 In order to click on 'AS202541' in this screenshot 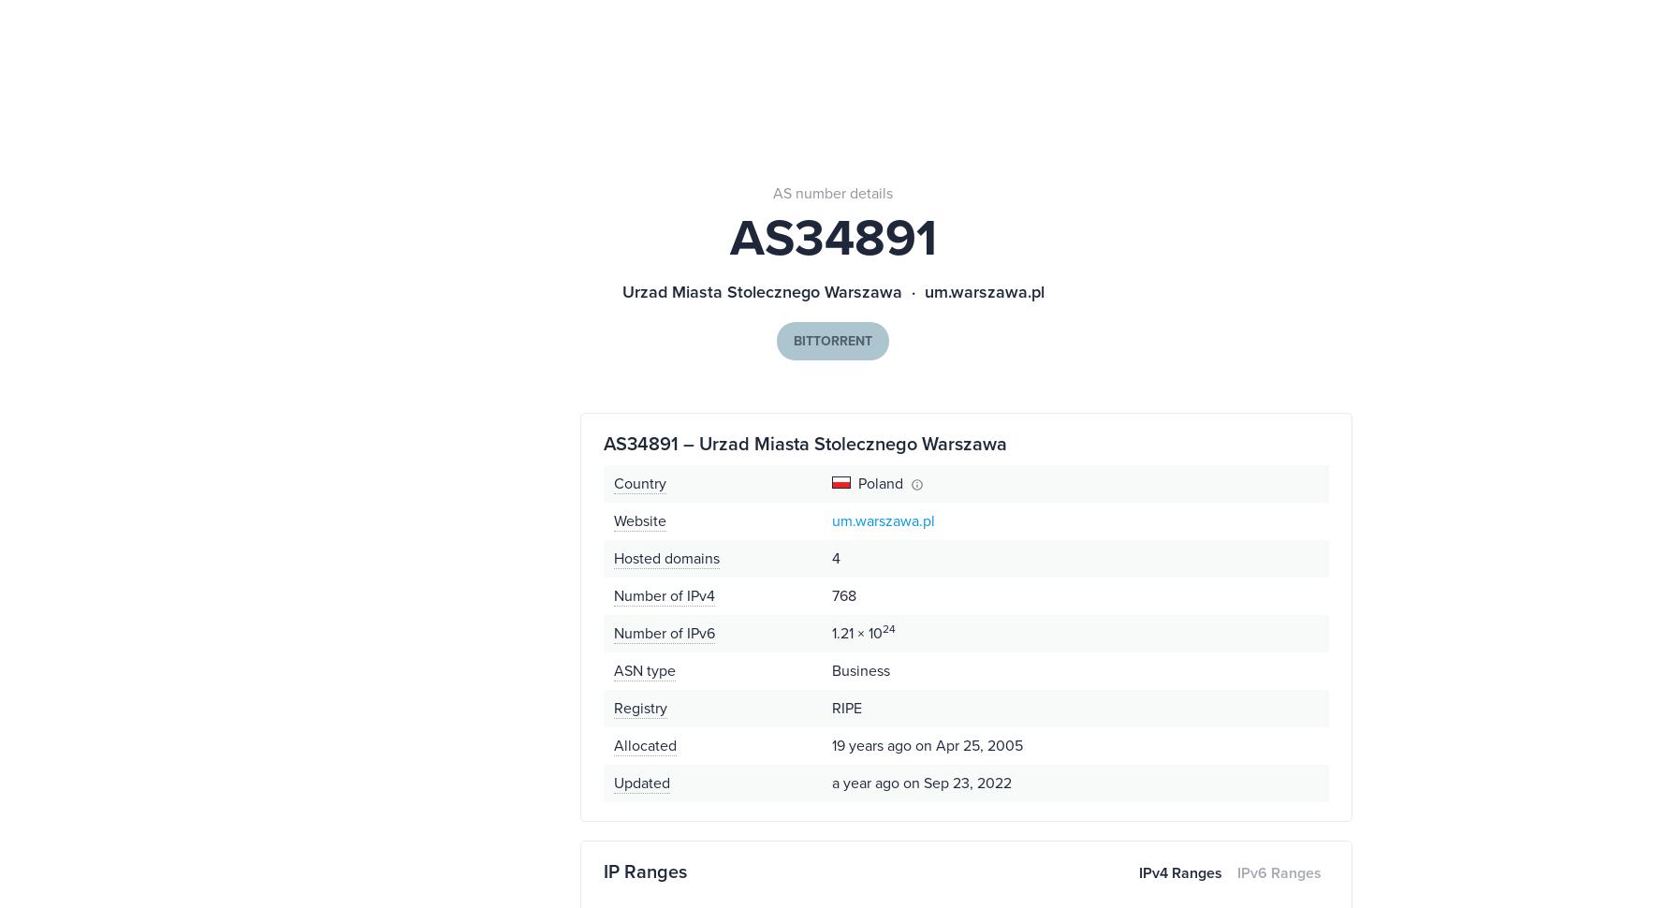, I will do `click(1044, 59)`.